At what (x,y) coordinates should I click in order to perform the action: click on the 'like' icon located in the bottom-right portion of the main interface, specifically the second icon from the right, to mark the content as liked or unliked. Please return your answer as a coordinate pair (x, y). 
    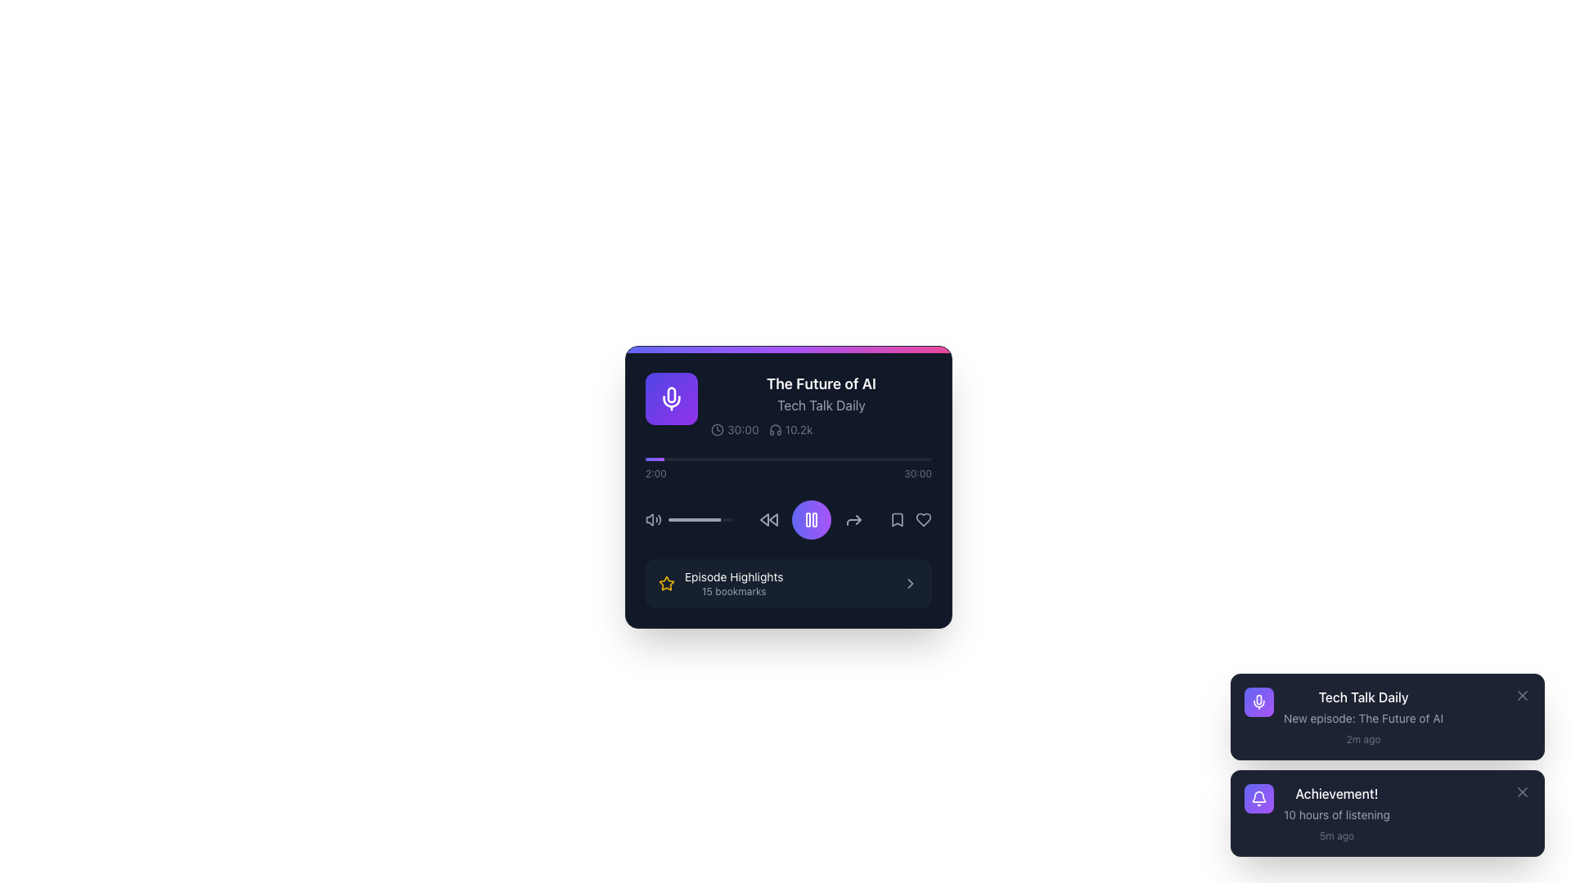
    Looking at the image, I should click on (923, 520).